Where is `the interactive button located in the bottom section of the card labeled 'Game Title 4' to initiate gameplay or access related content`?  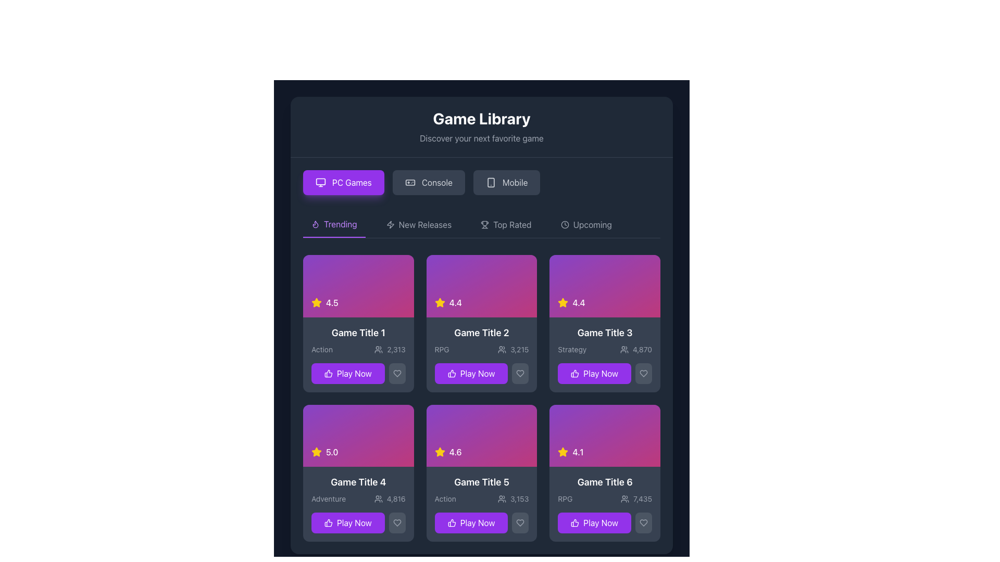
the interactive button located in the bottom section of the card labeled 'Game Title 4' to initiate gameplay or access related content is located at coordinates (358, 523).